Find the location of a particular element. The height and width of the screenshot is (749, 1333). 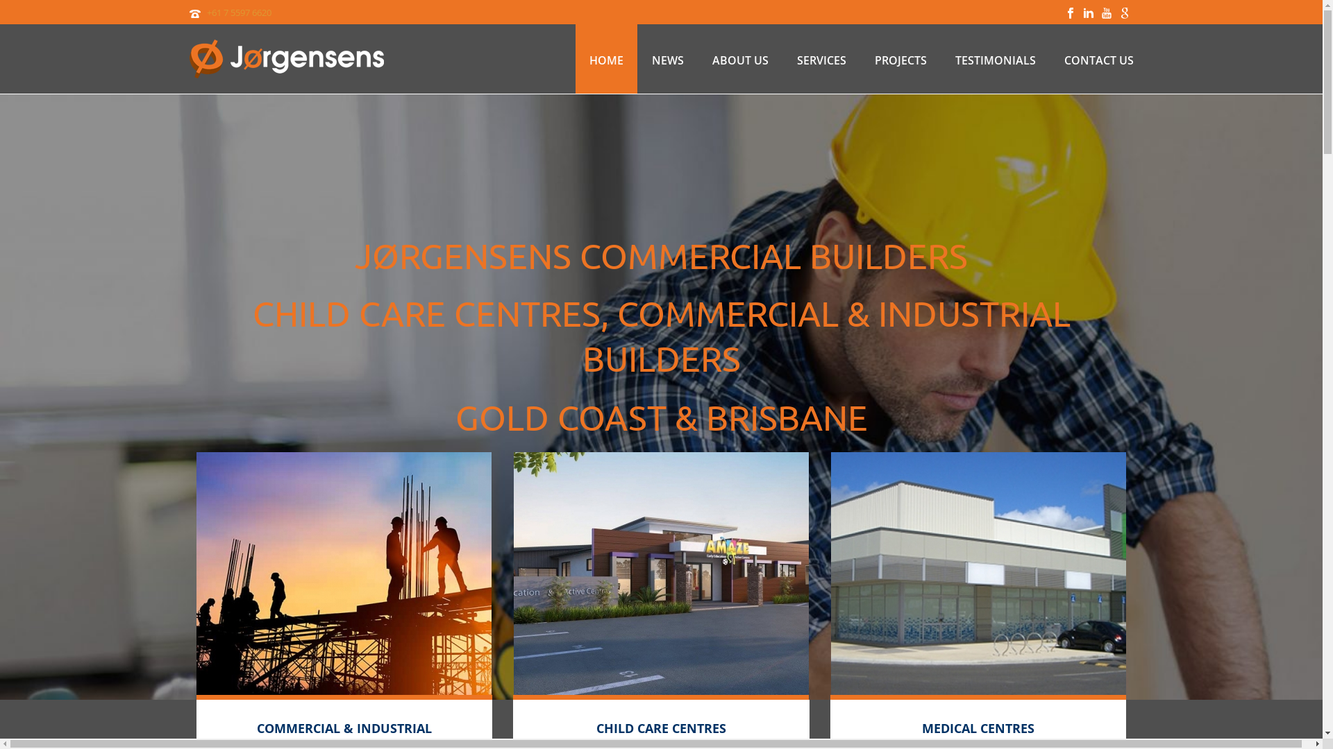

'jorgensens-medical-centre-construction' is located at coordinates (978, 573).